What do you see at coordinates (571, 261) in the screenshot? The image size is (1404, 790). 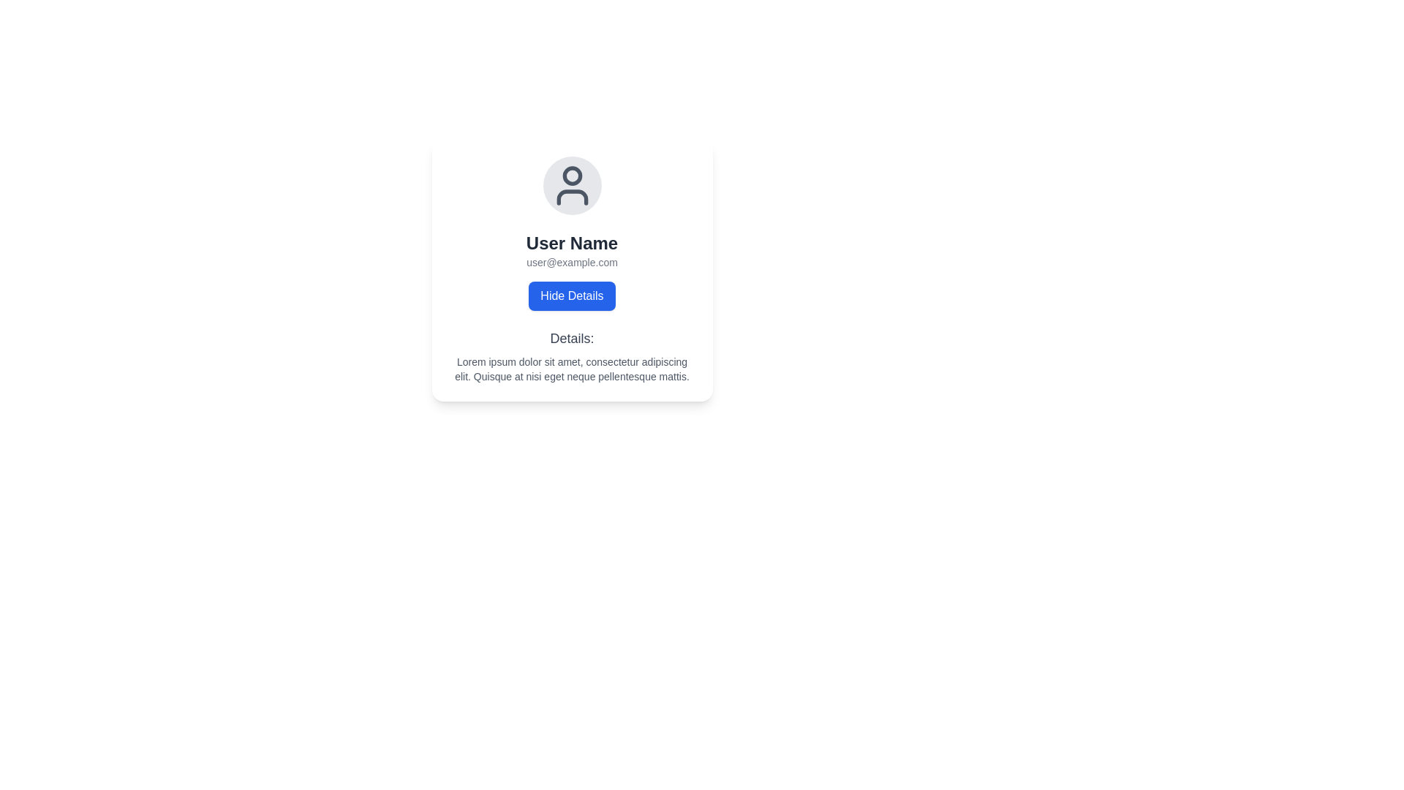 I see `the static text displaying the user's email address, which is located directly below the 'User Name' text and above the 'Hide Details' button` at bounding box center [571, 261].